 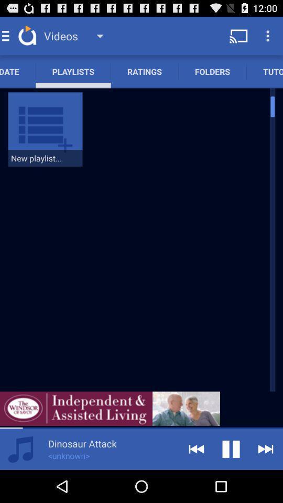 What do you see at coordinates (196, 449) in the screenshot?
I see `go back option on the bottom of the page` at bounding box center [196, 449].